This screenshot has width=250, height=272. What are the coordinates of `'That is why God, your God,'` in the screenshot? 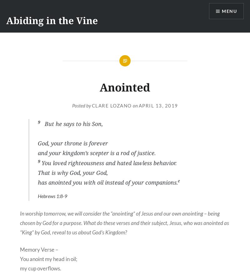 It's located at (73, 172).